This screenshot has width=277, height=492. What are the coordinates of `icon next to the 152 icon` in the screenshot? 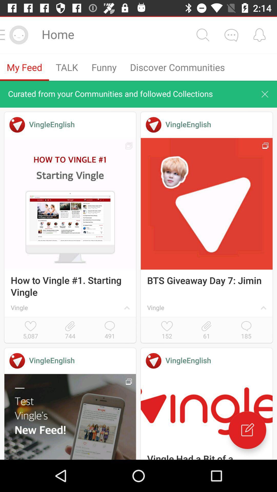 It's located at (206, 331).